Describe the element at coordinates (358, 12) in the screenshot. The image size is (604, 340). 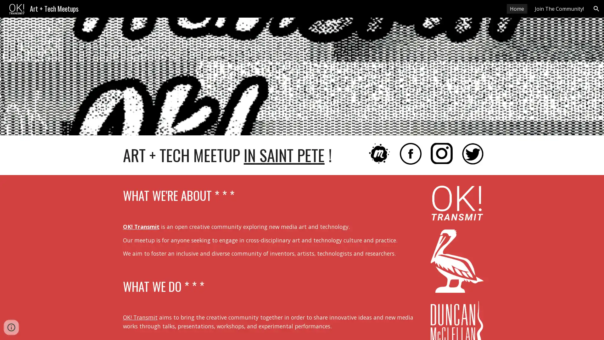
I see `Skip to navigation` at that location.